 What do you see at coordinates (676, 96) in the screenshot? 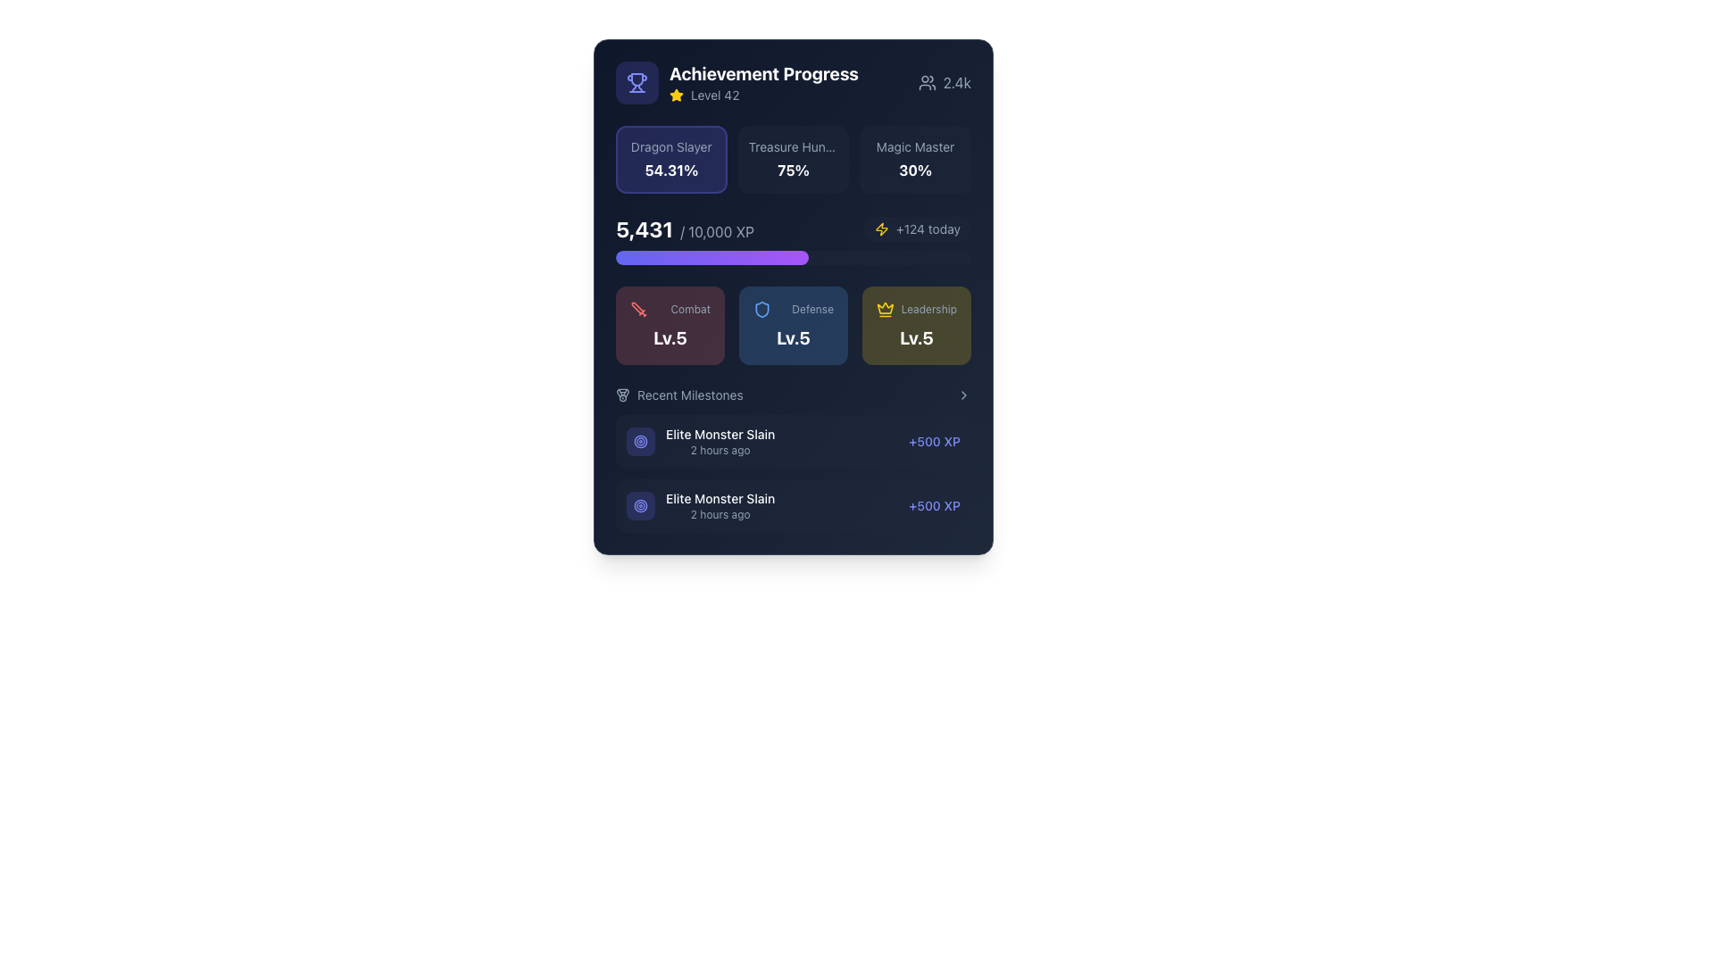
I see `the icon located to the left of the text 'Level 42' in the 'Achievement Progress' section, which serves as a visual indicator of level or status` at bounding box center [676, 96].